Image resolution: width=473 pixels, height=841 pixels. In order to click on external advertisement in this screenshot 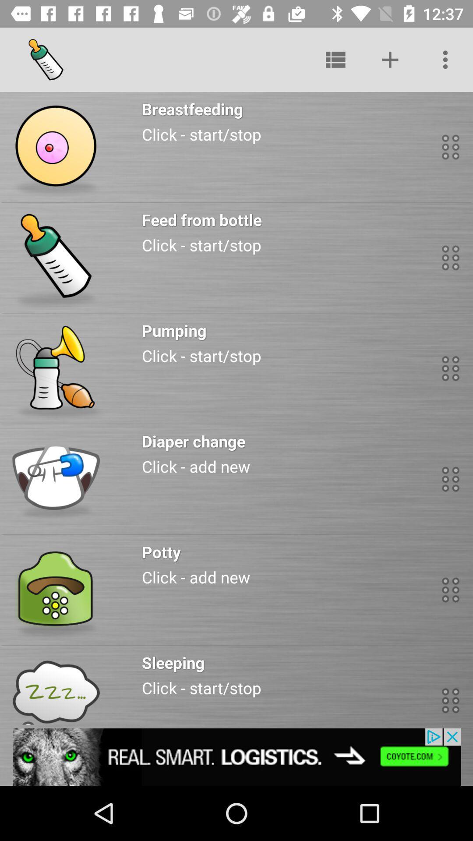, I will do `click(236, 756)`.